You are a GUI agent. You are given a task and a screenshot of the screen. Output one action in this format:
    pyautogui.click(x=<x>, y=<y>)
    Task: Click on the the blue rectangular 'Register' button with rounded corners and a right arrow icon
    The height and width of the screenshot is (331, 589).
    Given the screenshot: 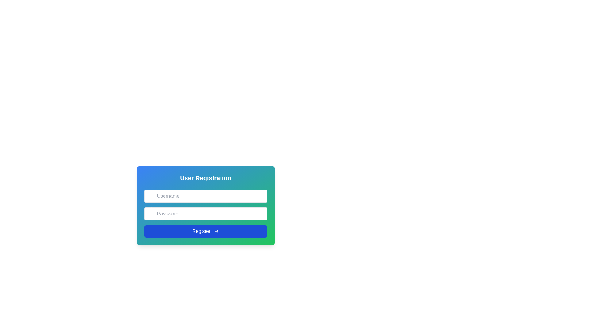 What is the action you would take?
    pyautogui.click(x=206, y=231)
    